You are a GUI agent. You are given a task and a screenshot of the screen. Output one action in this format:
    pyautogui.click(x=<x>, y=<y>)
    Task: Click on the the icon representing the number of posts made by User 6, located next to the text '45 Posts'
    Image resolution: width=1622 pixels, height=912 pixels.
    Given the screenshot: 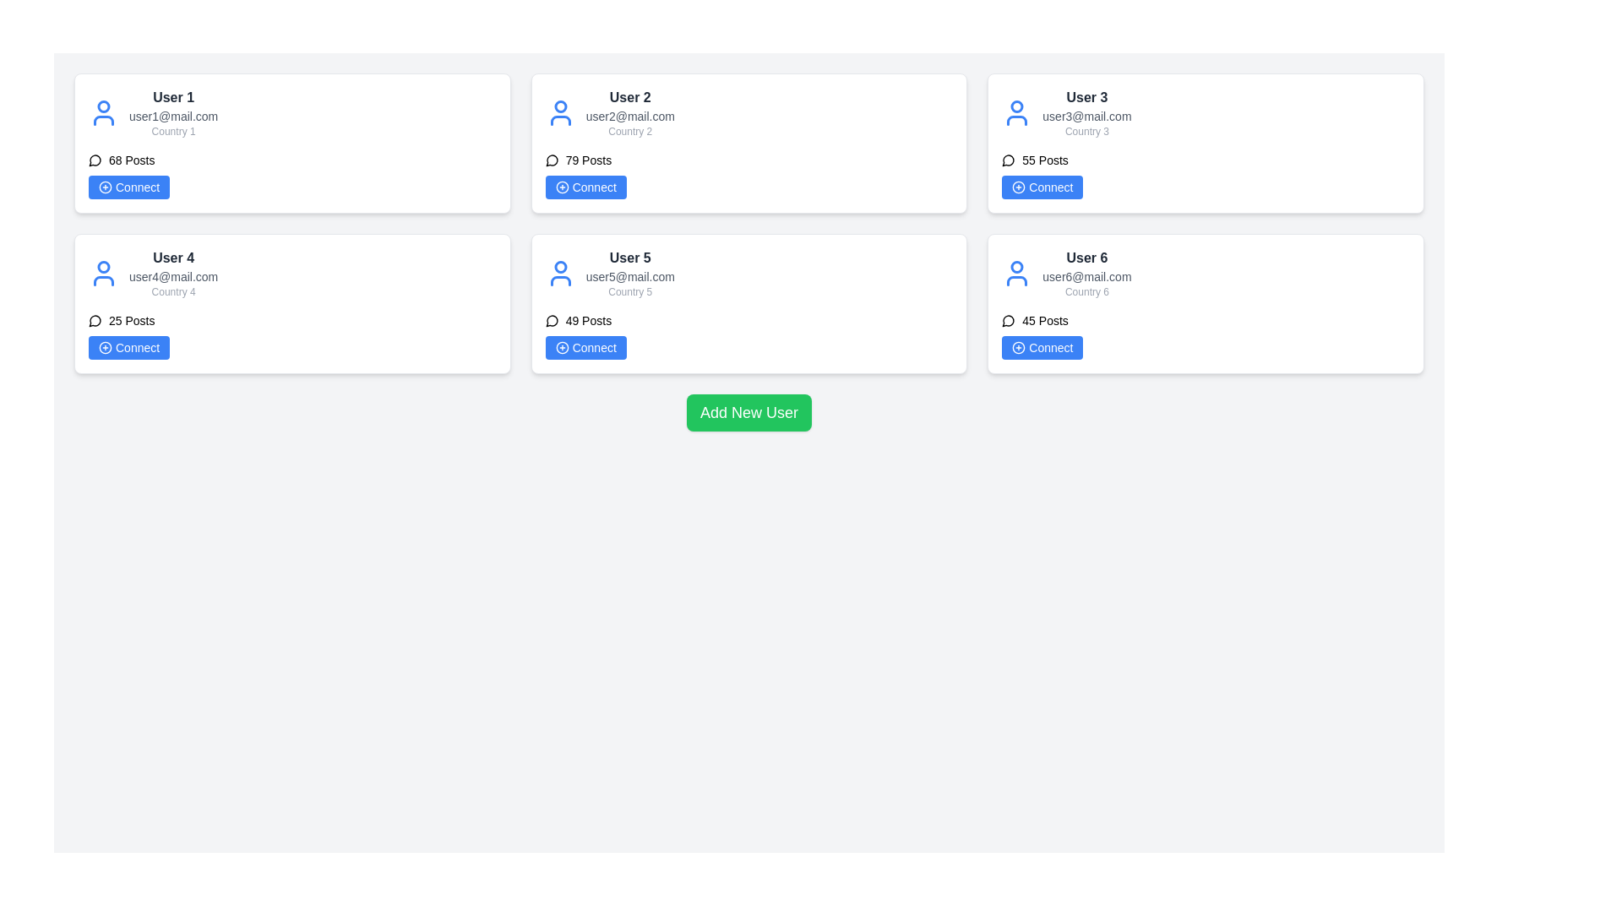 What is the action you would take?
    pyautogui.click(x=1009, y=321)
    